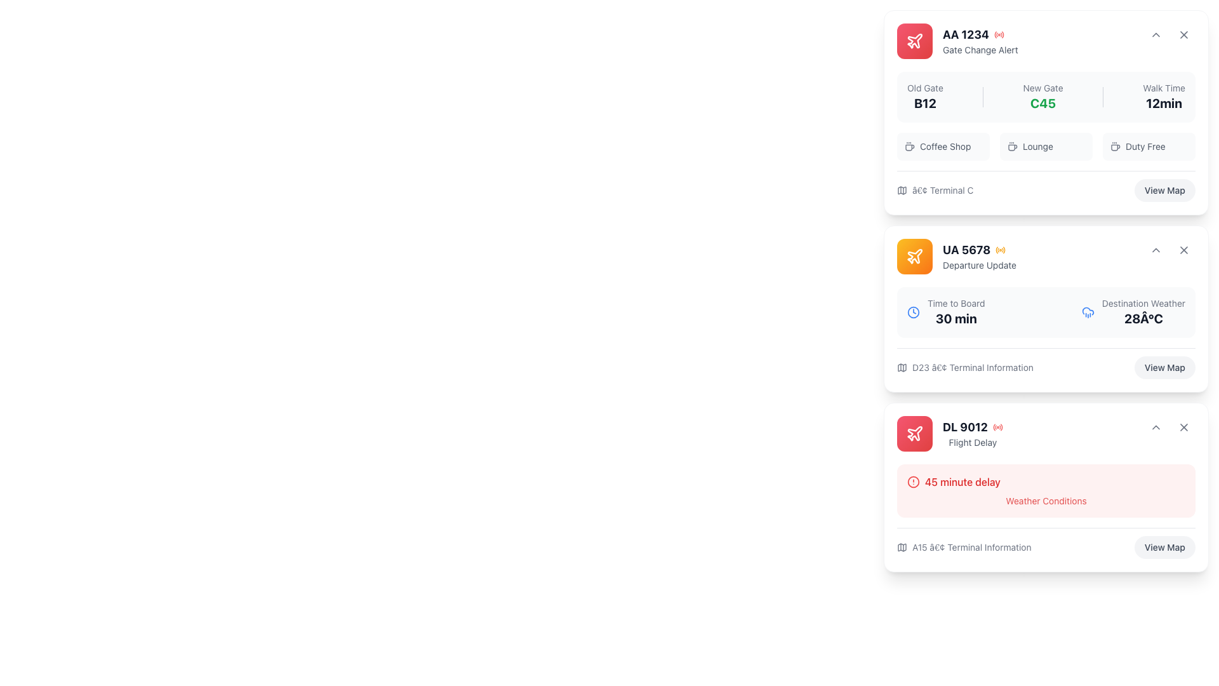 Image resolution: width=1219 pixels, height=686 pixels. What do you see at coordinates (966, 250) in the screenshot?
I see `the text displaying the flight number located centrally within the second flight information card, which is aligned with an airline icon on the left and additional flight information on the right` at bounding box center [966, 250].